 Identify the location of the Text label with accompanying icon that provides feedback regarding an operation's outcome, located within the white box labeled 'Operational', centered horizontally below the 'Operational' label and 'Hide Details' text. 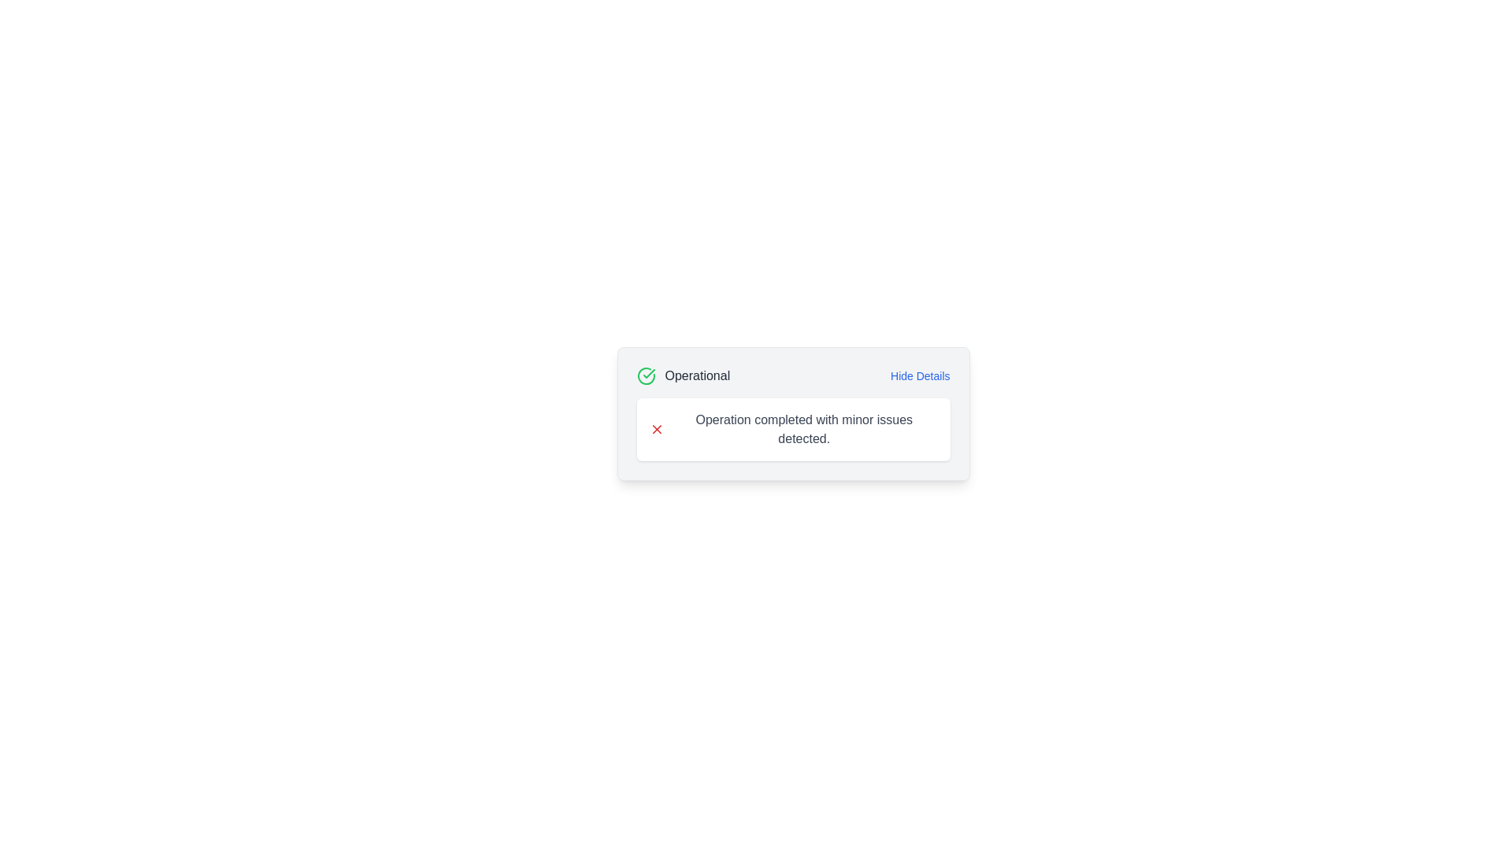
(793, 430).